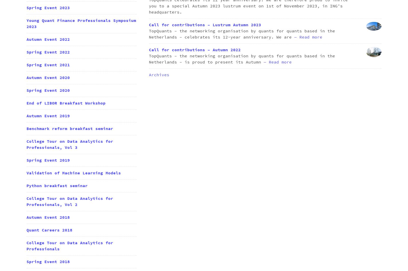  What do you see at coordinates (49, 230) in the screenshot?
I see `'Quant Careers 2018'` at bounding box center [49, 230].